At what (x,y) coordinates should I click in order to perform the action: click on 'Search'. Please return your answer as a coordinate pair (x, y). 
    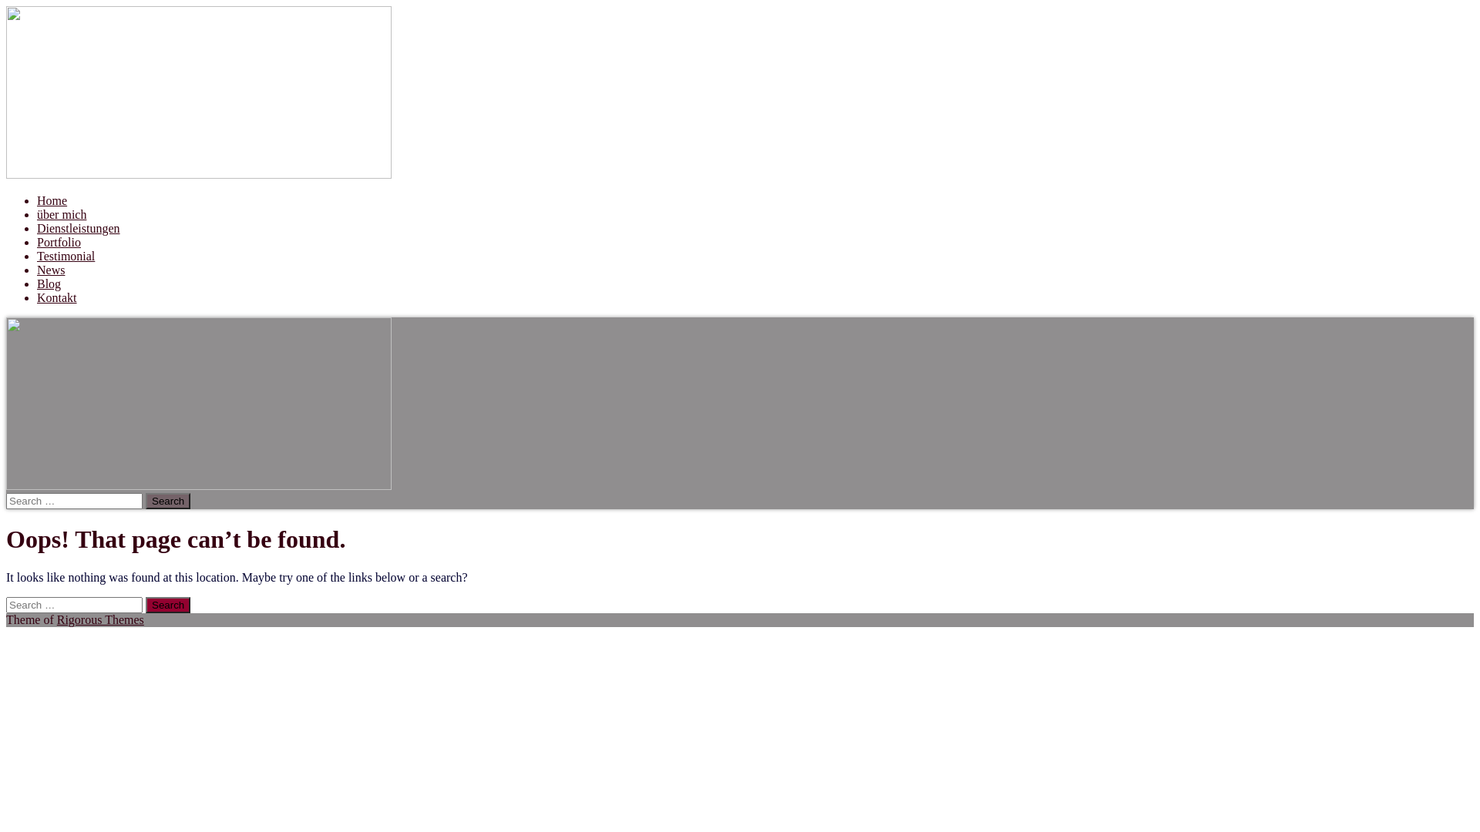
    Looking at the image, I should click on (167, 501).